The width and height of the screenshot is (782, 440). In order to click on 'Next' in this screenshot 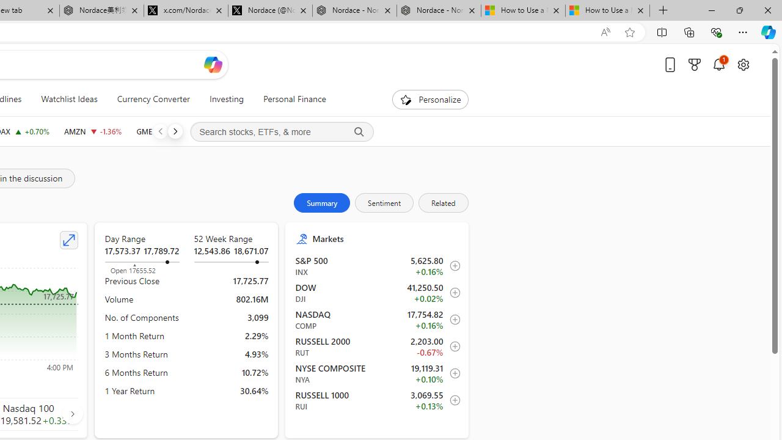, I will do `click(174, 131)`.